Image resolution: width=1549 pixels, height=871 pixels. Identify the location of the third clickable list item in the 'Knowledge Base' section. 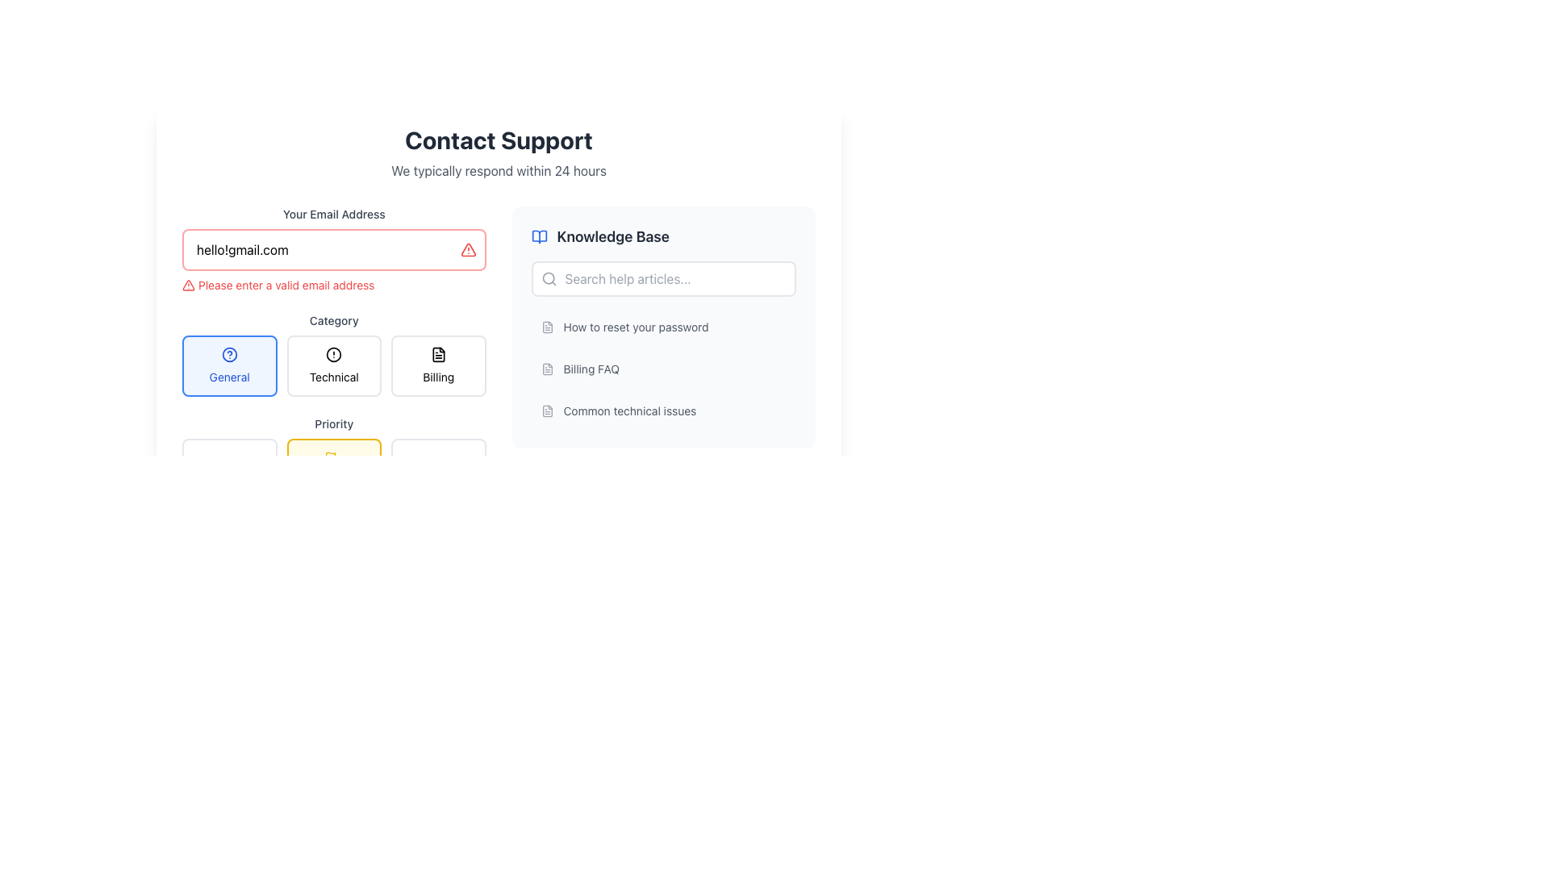
(663, 422).